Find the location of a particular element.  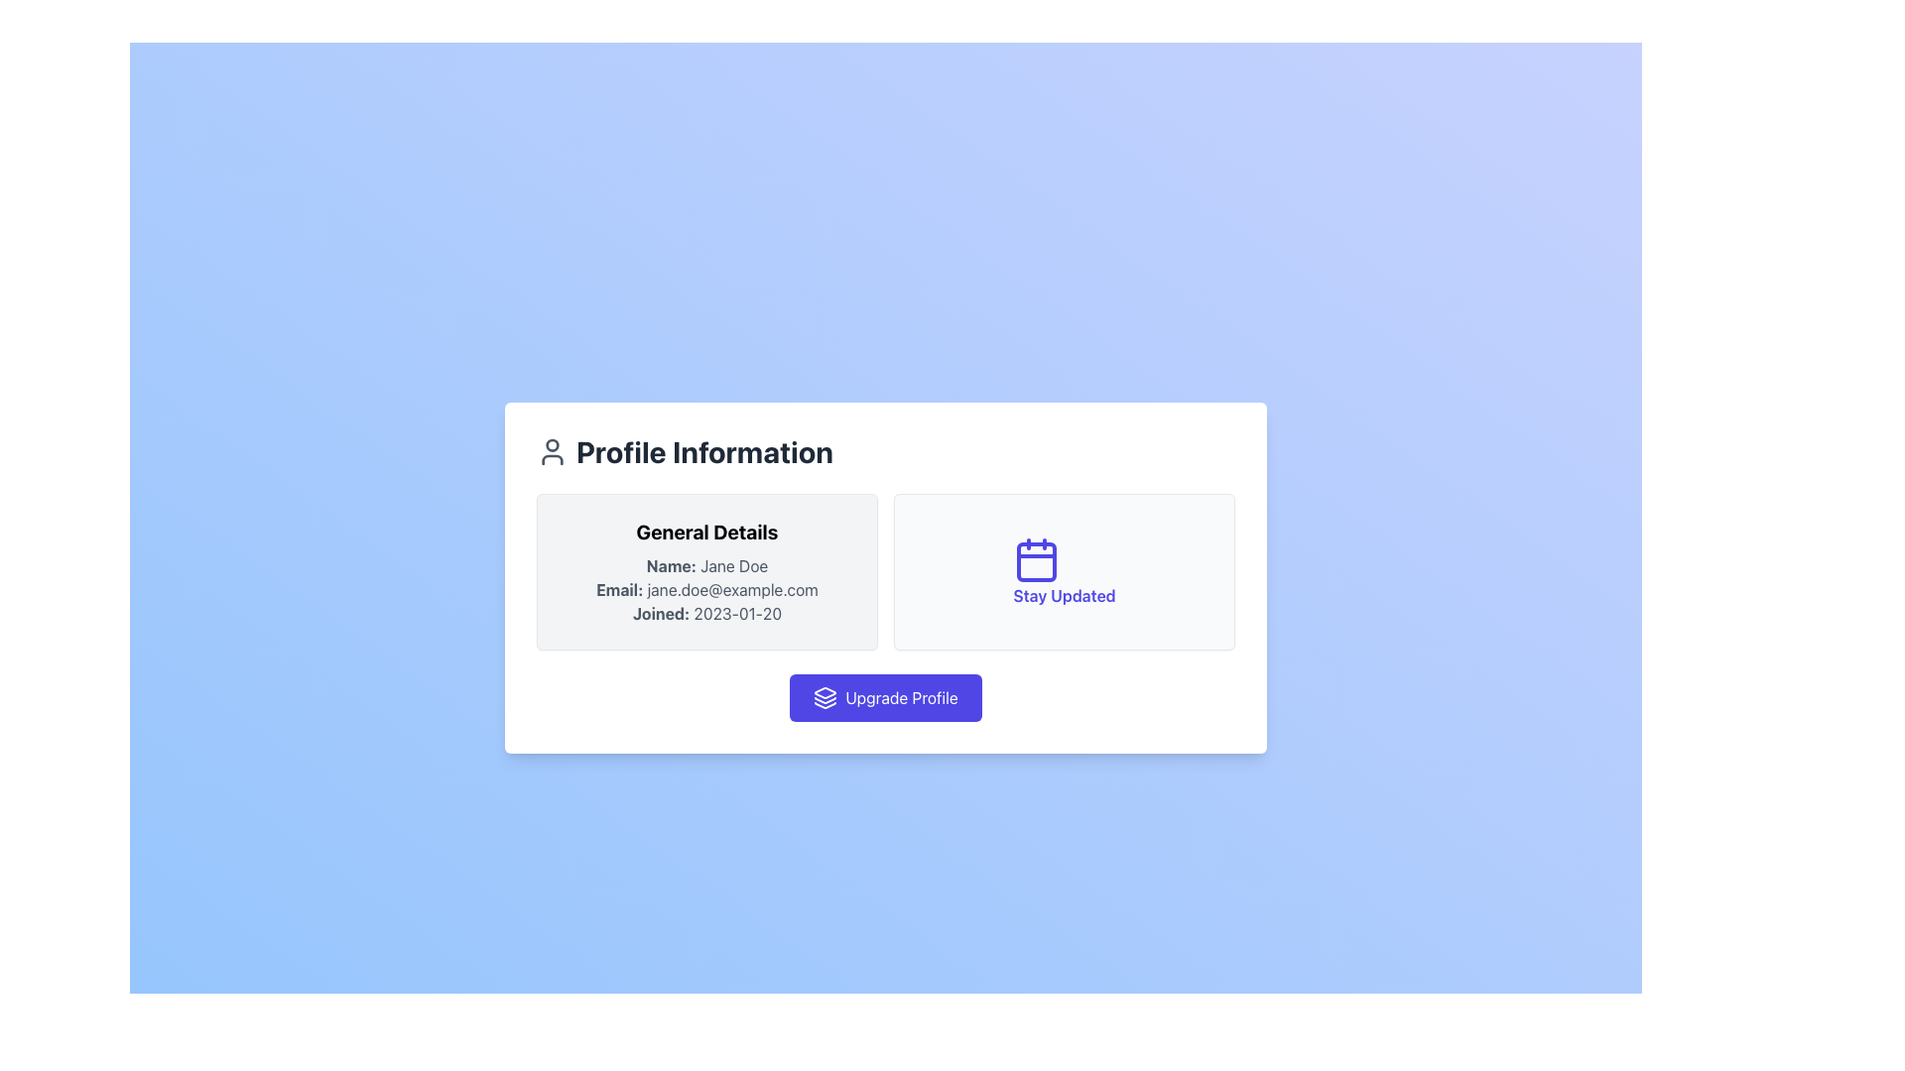

the decorative graphic element within the calendar icon labeled 'Stay Updated', located on the right side of the interface is located at coordinates (1036, 562).